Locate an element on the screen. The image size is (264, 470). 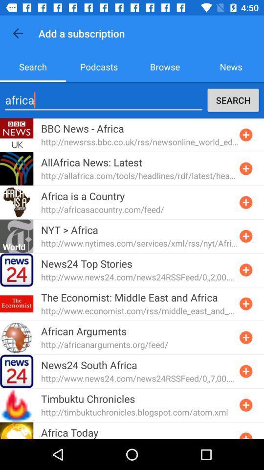
the news24 south africa item is located at coordinates (89, 364).